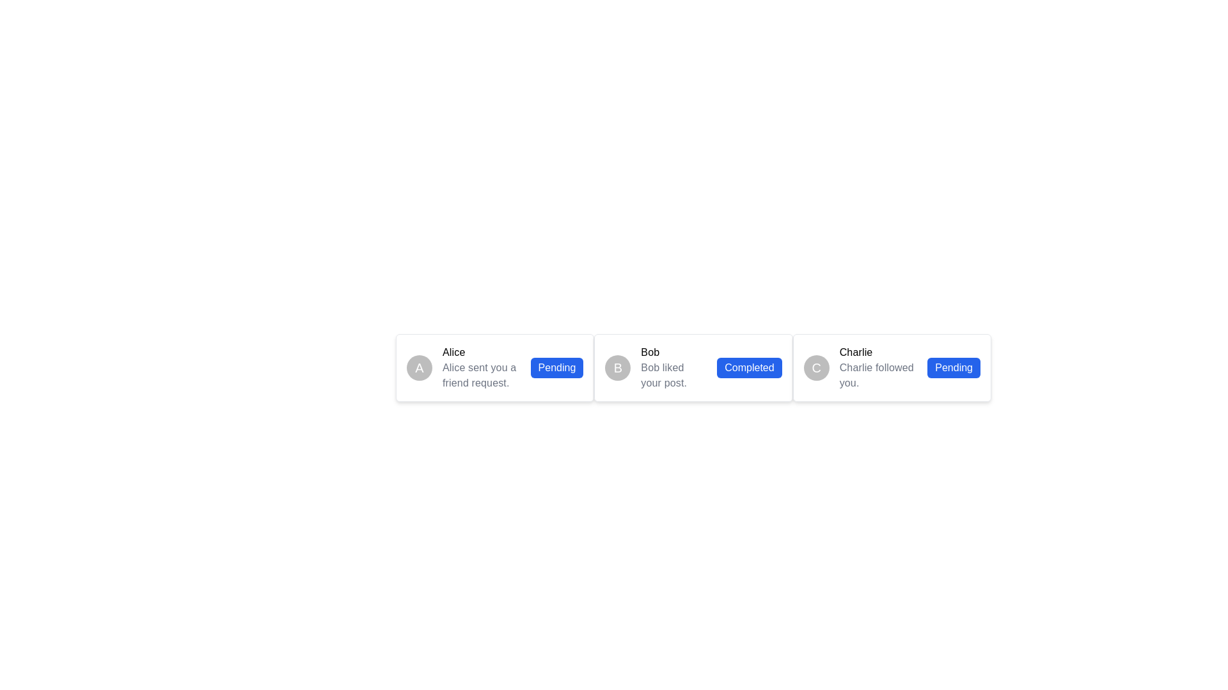  Describe the element at coordinates (673, 367) in the screenshot. I see `the Text Label displaying 'Bob liked your post.' located between the avatar 'B' and the 'Completed' button` at that location.